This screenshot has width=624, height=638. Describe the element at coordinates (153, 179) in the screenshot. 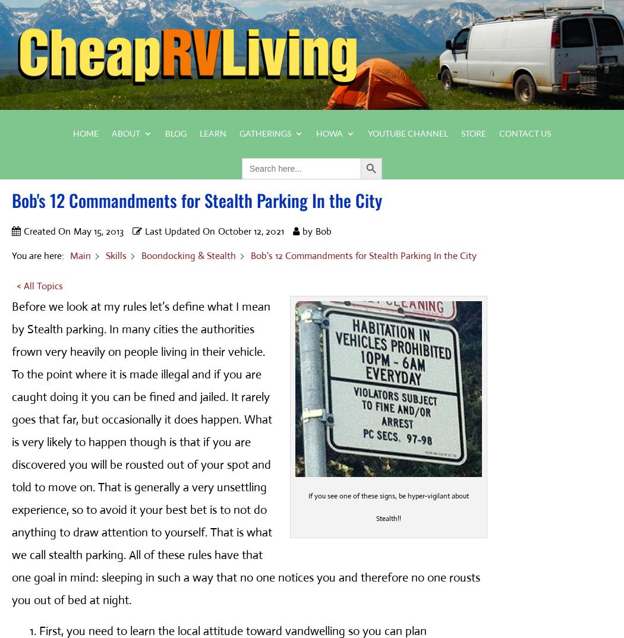

I see `'About Bob'` at that location.